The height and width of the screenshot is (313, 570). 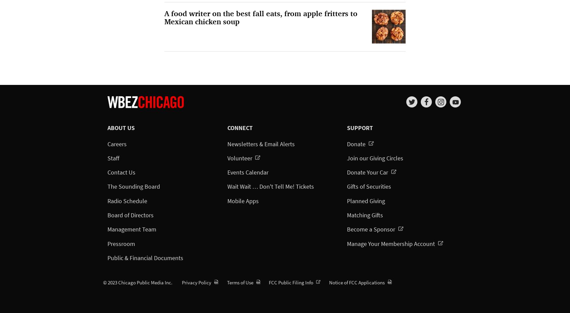 I want to click on 'The Sounding Board', so click(x=133, y=186).